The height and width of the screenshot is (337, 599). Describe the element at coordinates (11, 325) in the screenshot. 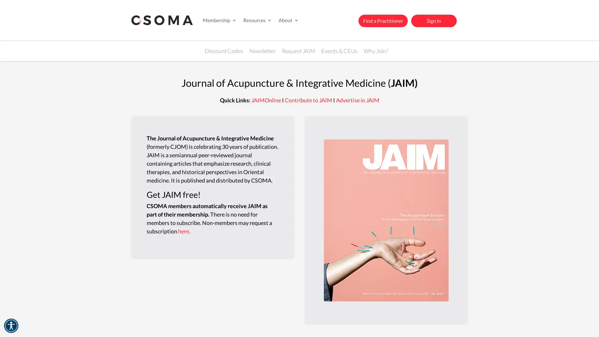

I see `Accessibility Menu` at that location.